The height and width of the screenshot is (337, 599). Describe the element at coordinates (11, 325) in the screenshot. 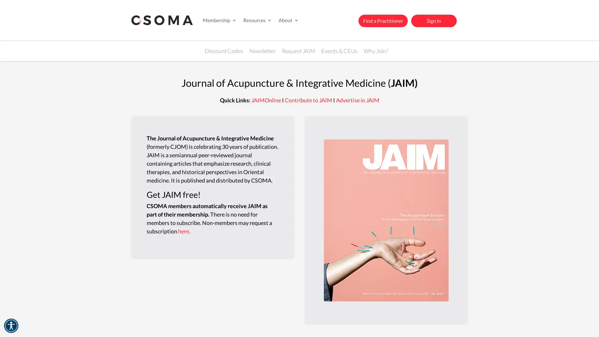

I see `Accessibility Menu` at that location.